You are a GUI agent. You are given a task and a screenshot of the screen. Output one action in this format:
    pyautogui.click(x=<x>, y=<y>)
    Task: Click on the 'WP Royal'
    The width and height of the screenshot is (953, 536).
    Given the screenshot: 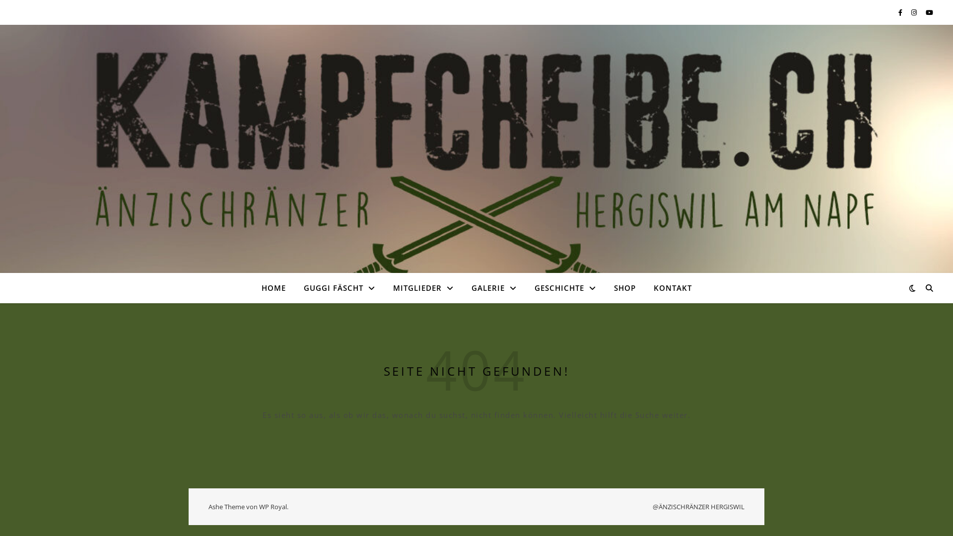 What is the action you would take?
    pyautogui.click(x=273, y=507)
    